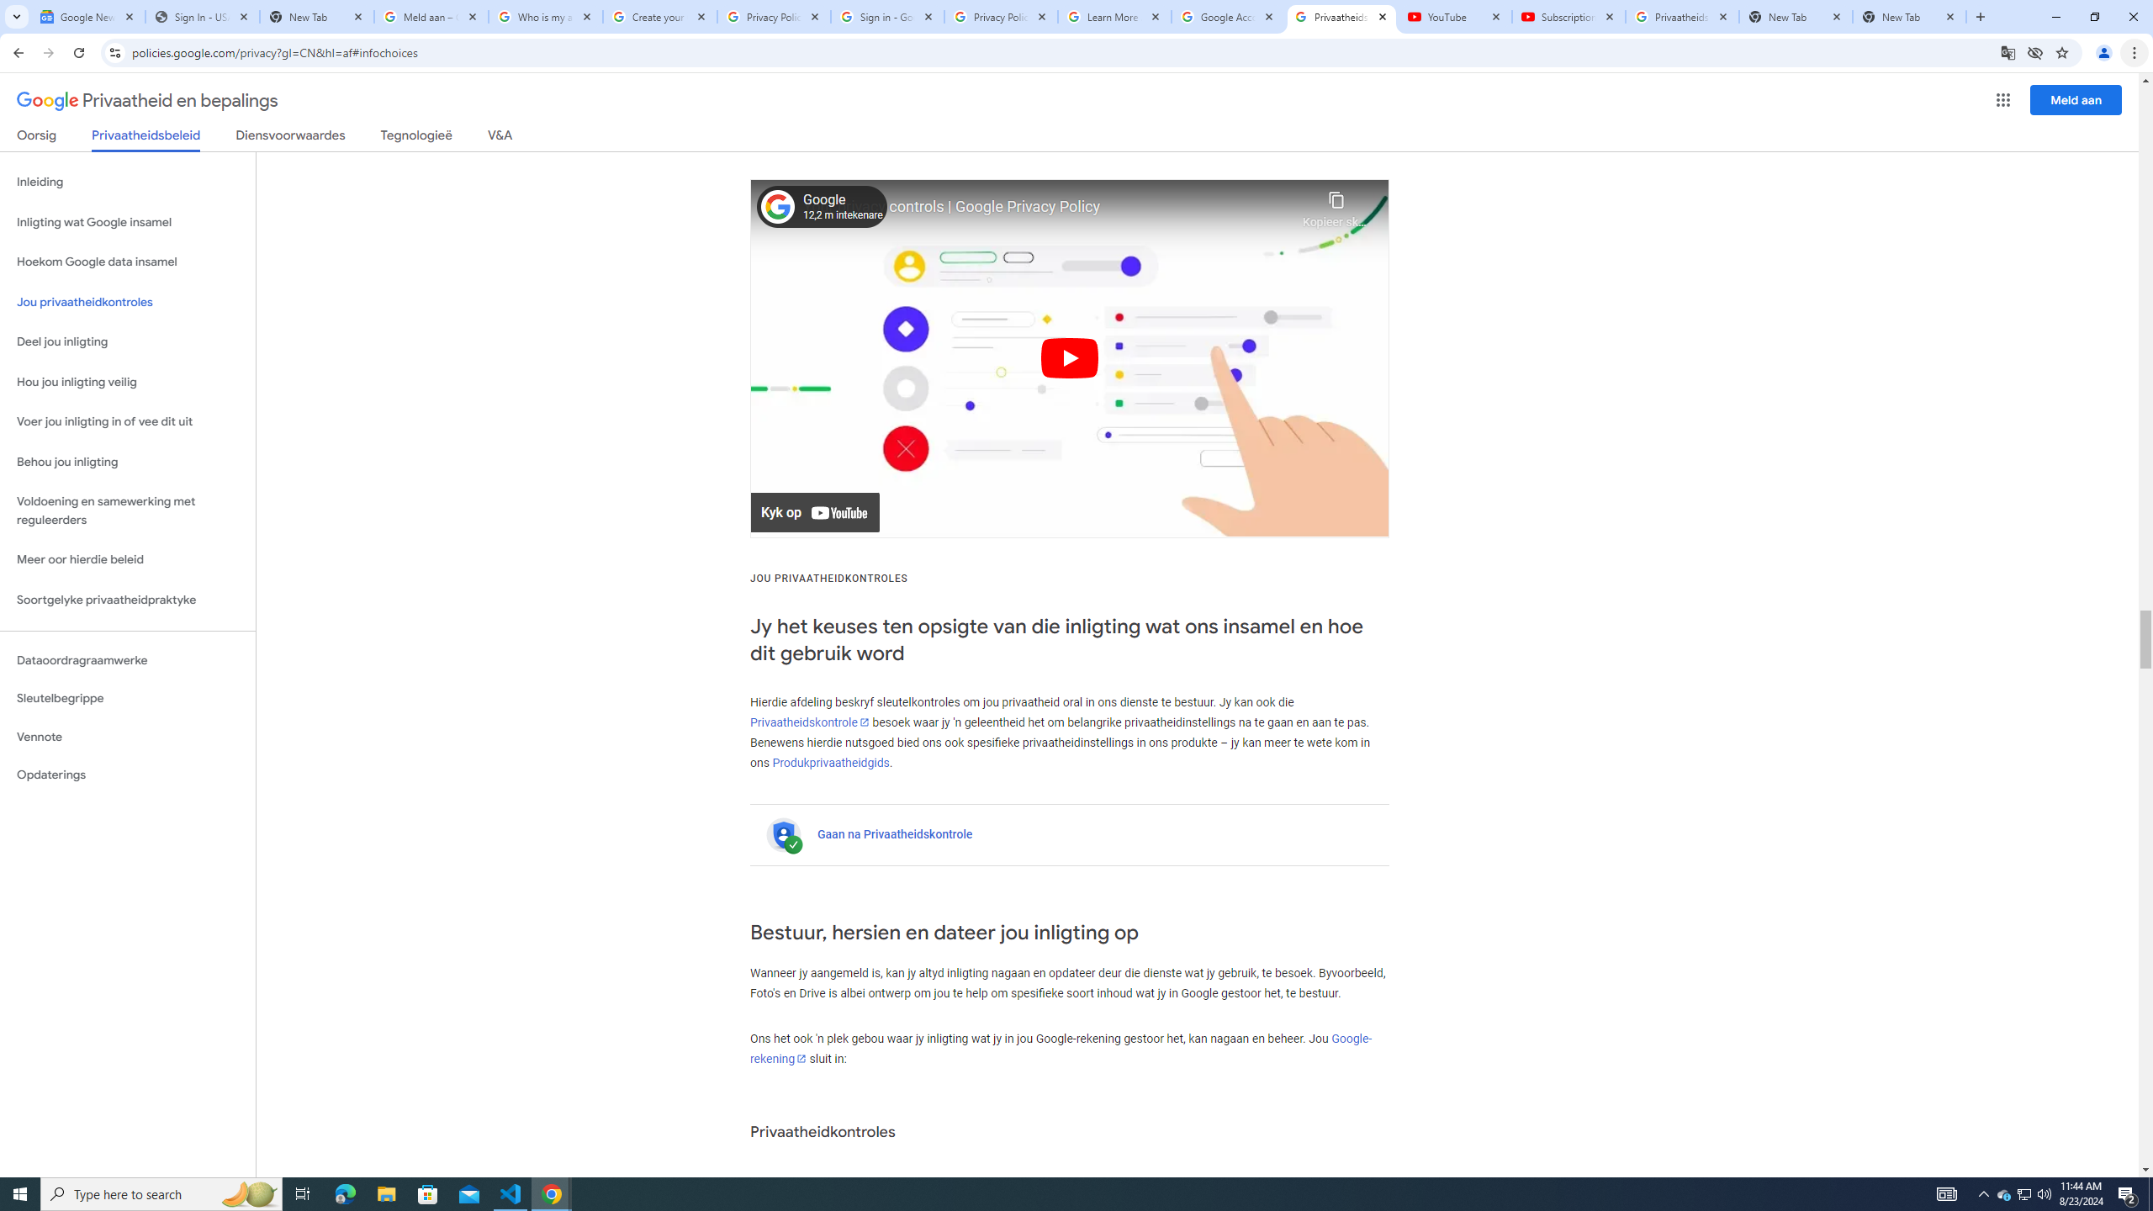  What do you see at coordinates (127, 737) in the screenshot?
I see `'Vennote'` at bounding box center [127, 737].